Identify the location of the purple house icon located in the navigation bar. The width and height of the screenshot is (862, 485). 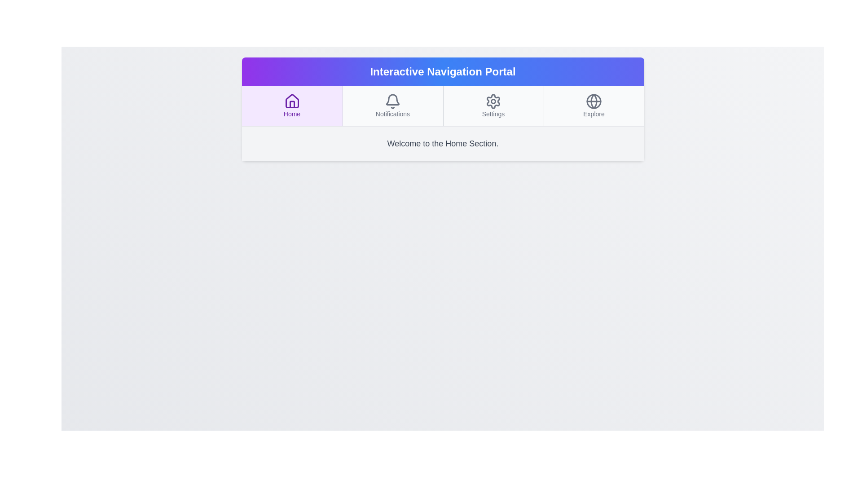
(292, 101).